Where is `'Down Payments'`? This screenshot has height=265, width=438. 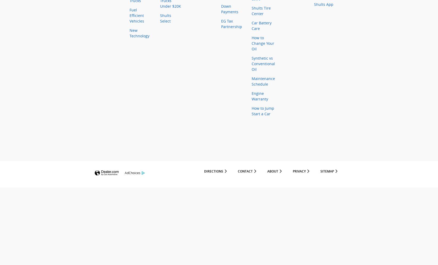 'Down Payments' is located at coordinates (230, 9).